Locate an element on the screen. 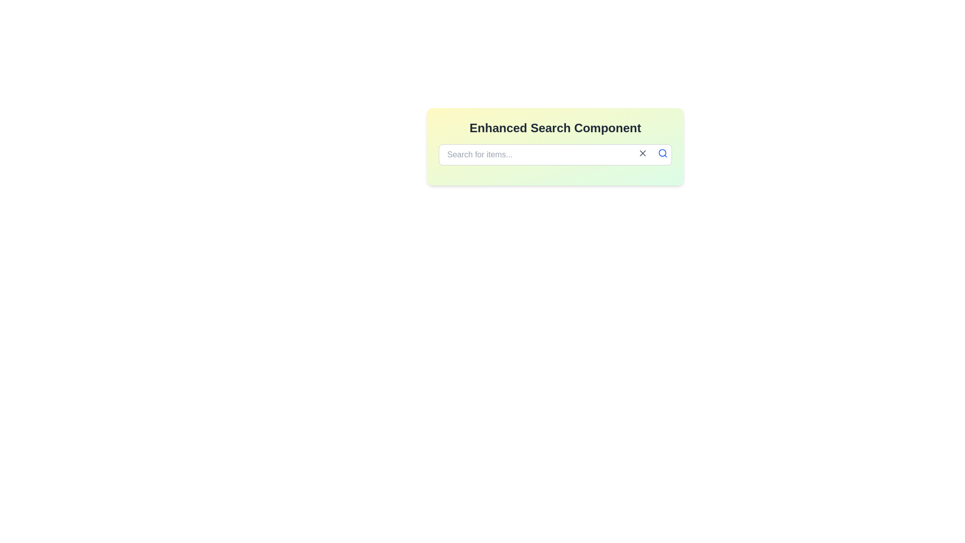 The image size is (965, 543). the circular lens of the magnifying glass icon, which is part of the search button located at the top right corner of the search field is located at coordinates (662, 153).